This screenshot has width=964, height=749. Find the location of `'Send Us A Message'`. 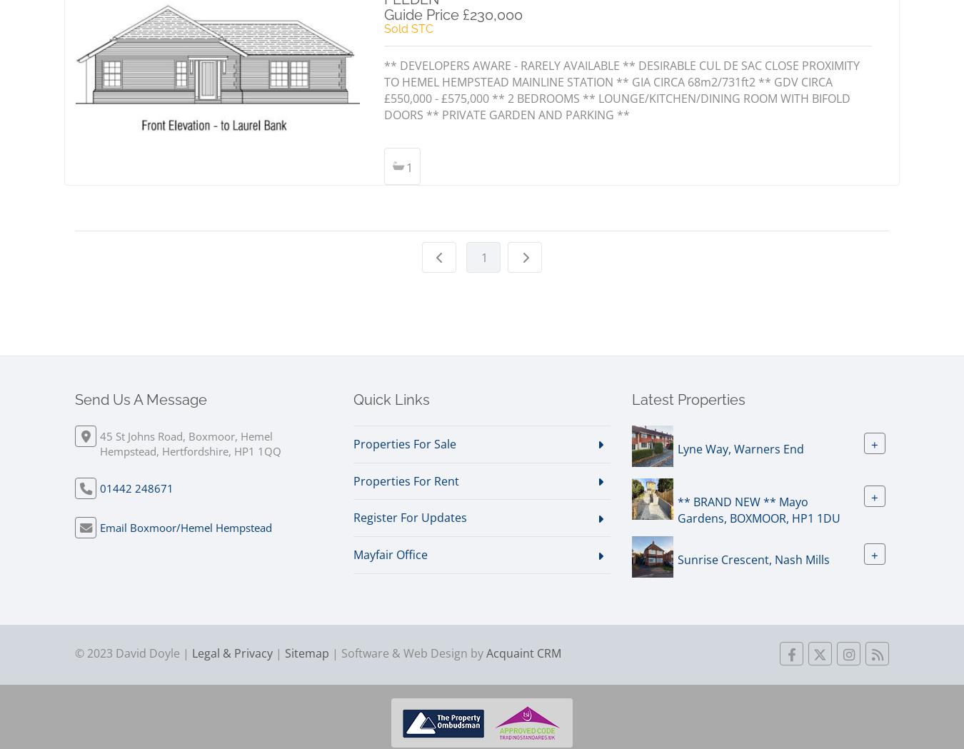

'Send Us A Message' is located at coordinates (141, 399).